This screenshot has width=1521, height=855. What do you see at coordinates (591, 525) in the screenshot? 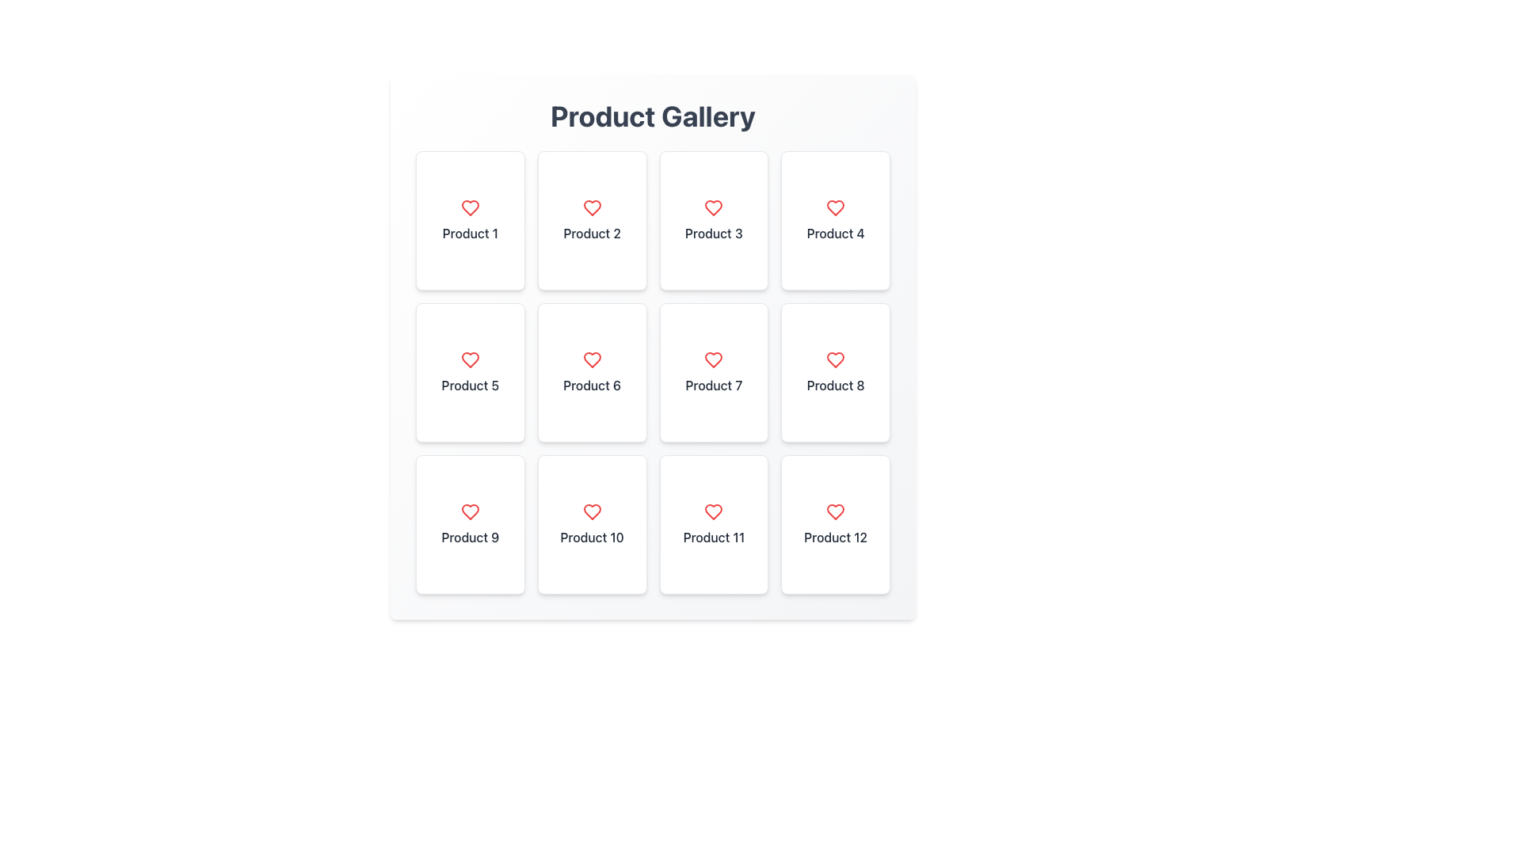
I see `the card with a white background, rounded corners, and a red heart icon, which contains the text 'Product 10' located in the third row and second column of the grid` at bounding box center [591, 525].